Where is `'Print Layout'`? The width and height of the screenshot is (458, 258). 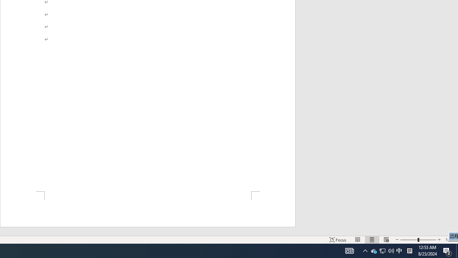 'Print Layout' is located at coordinates (372, 240).